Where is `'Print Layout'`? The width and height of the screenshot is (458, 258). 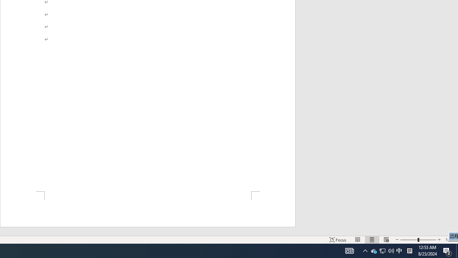 'Print Layout' is located at coordinates (372, 240).